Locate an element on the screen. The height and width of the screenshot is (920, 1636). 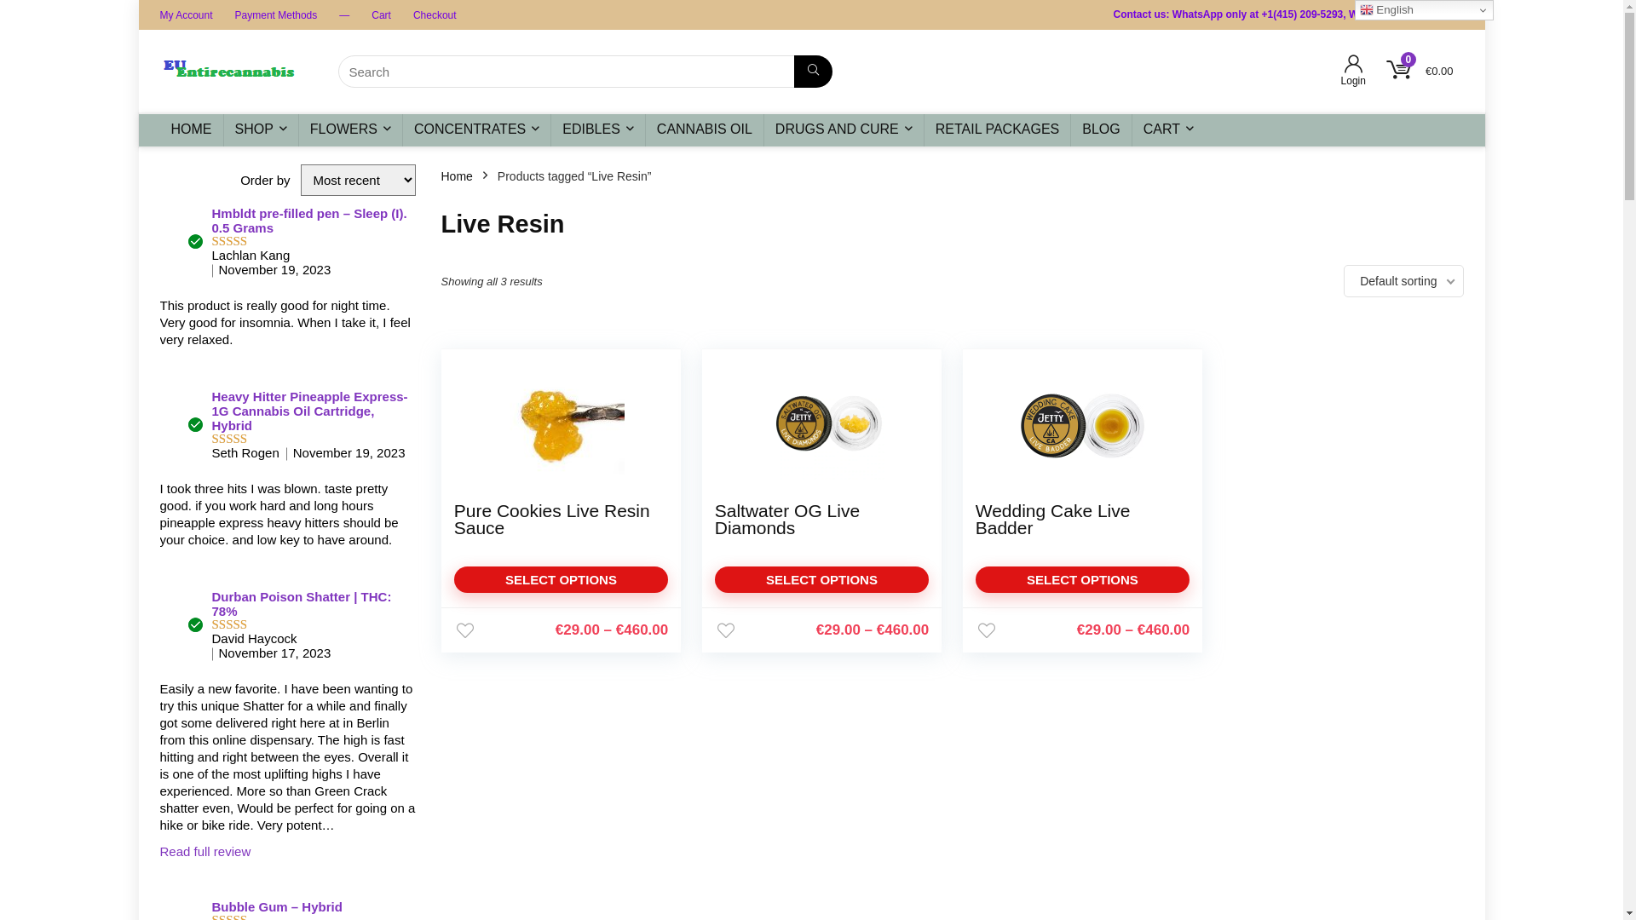
'CONCENTRATES' is located at coordinates (476, 129).